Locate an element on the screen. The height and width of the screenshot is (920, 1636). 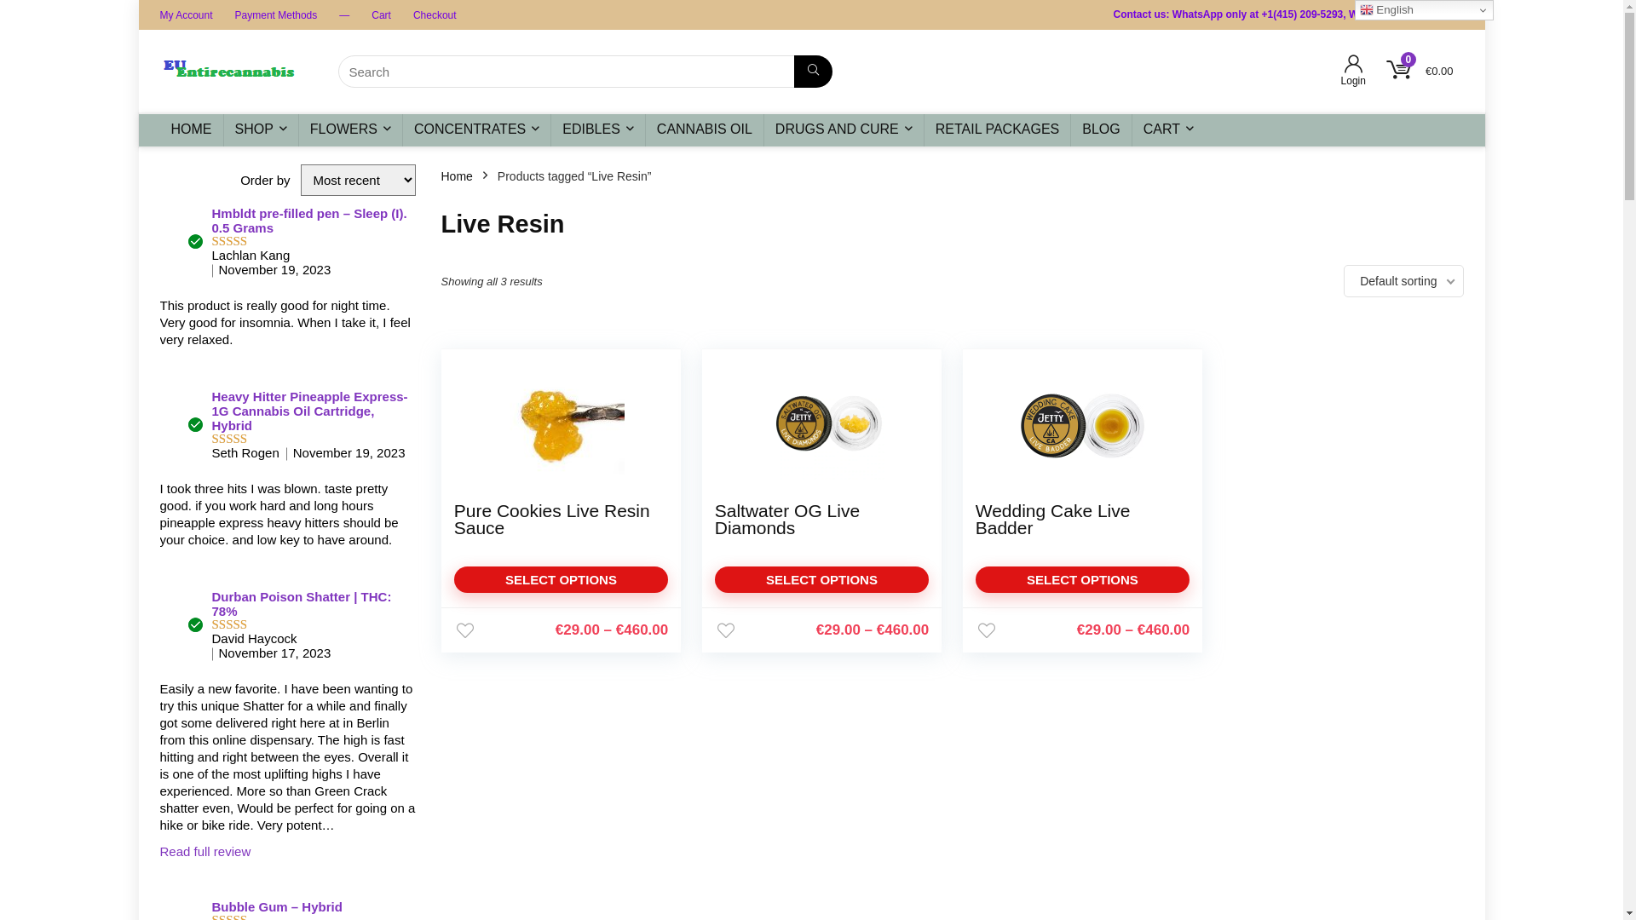
'CONCENTRATES' is located at coordinates (476, 129).